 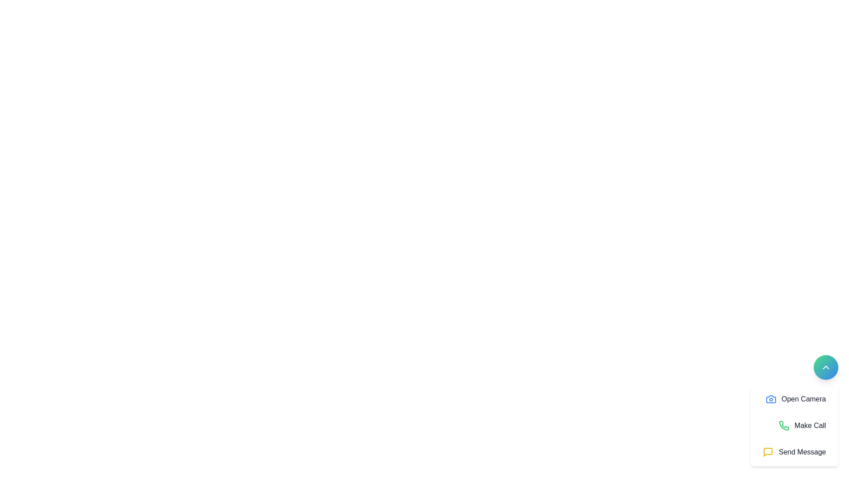 I want to click on the 'Make Call' button, which features a green phone icon and medium-weight gray text, positioned below the 'Open Camera' button and above the 'Send Message' button in the bottom-right corner of the interface, so click(x=802, y=425).